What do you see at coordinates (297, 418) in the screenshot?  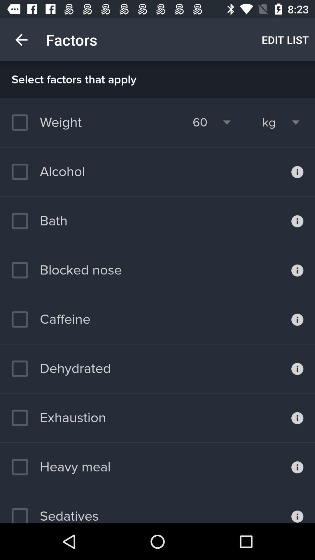 I see `more info` at bounding box center [297, 418].